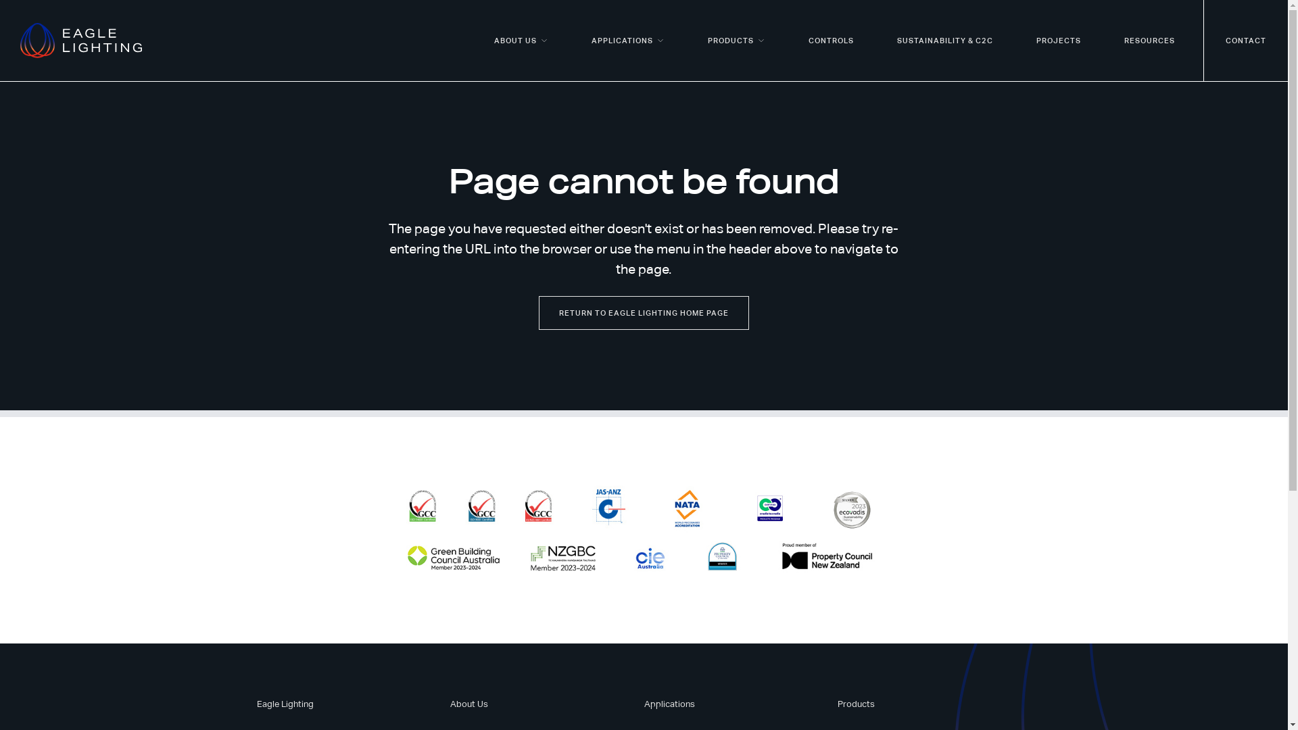 Image resolution: width=1298 pixels, height=730 pixels. Describe the element at coordinates (830, 40) in the screenshot. I see `'CONTROLS'` at that location.